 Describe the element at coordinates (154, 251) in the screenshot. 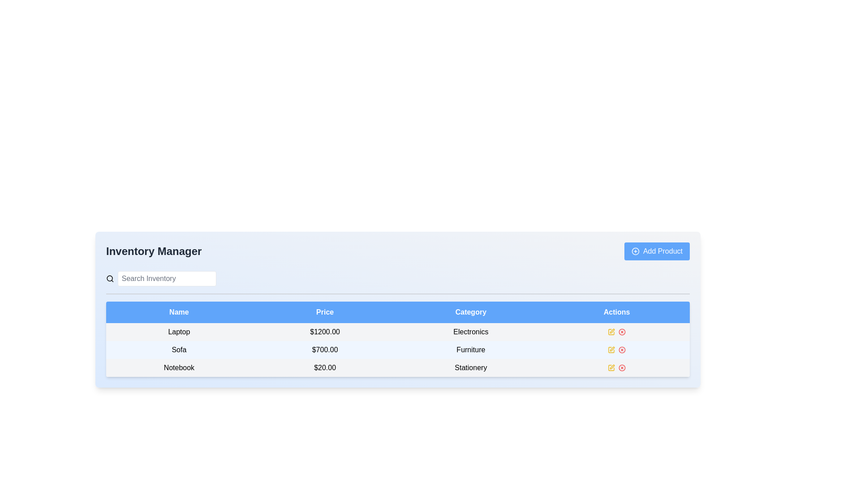

I see `the 'Inventory Manager' text label, which features bold, large-sized dark gray text, positioned on the left-hand side of the header section` at that location.